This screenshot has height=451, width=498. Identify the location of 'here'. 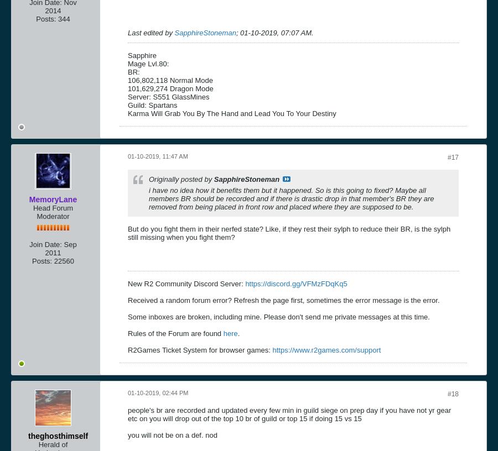
(230, 333).